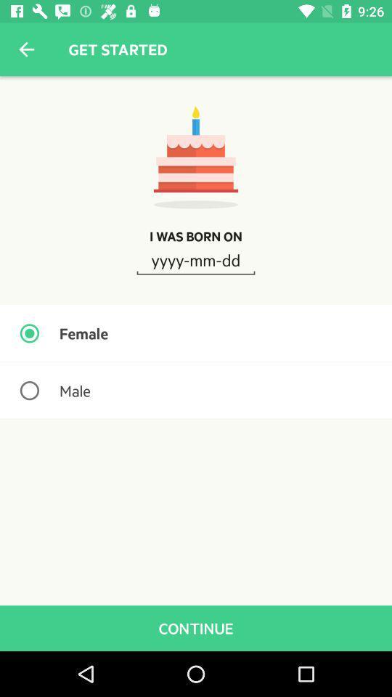  What do you see at coordinates (26, 49) in the screenshot?
I see `the item next to the get started item` at bounding box center [26, 49].